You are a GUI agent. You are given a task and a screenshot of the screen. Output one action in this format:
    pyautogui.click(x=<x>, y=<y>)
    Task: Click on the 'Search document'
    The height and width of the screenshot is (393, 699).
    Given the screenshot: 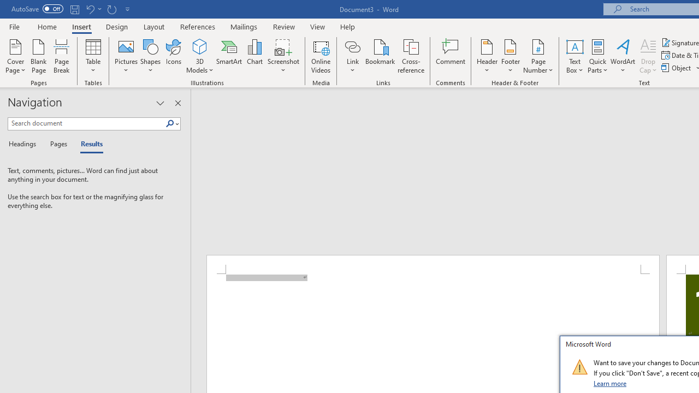 What is the action you would take?
    pyautogui.click(x=86, y=123)
    